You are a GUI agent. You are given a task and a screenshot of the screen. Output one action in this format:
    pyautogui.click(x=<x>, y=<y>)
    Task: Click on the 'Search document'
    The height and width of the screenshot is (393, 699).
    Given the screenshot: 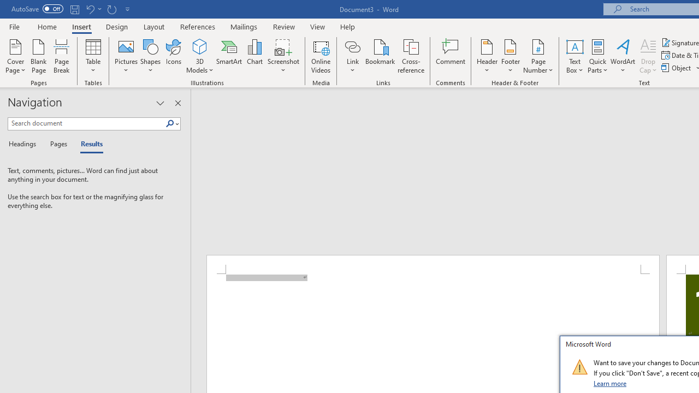 What is the action you would take?
    pyautogui.click(x=86, y=123)
    